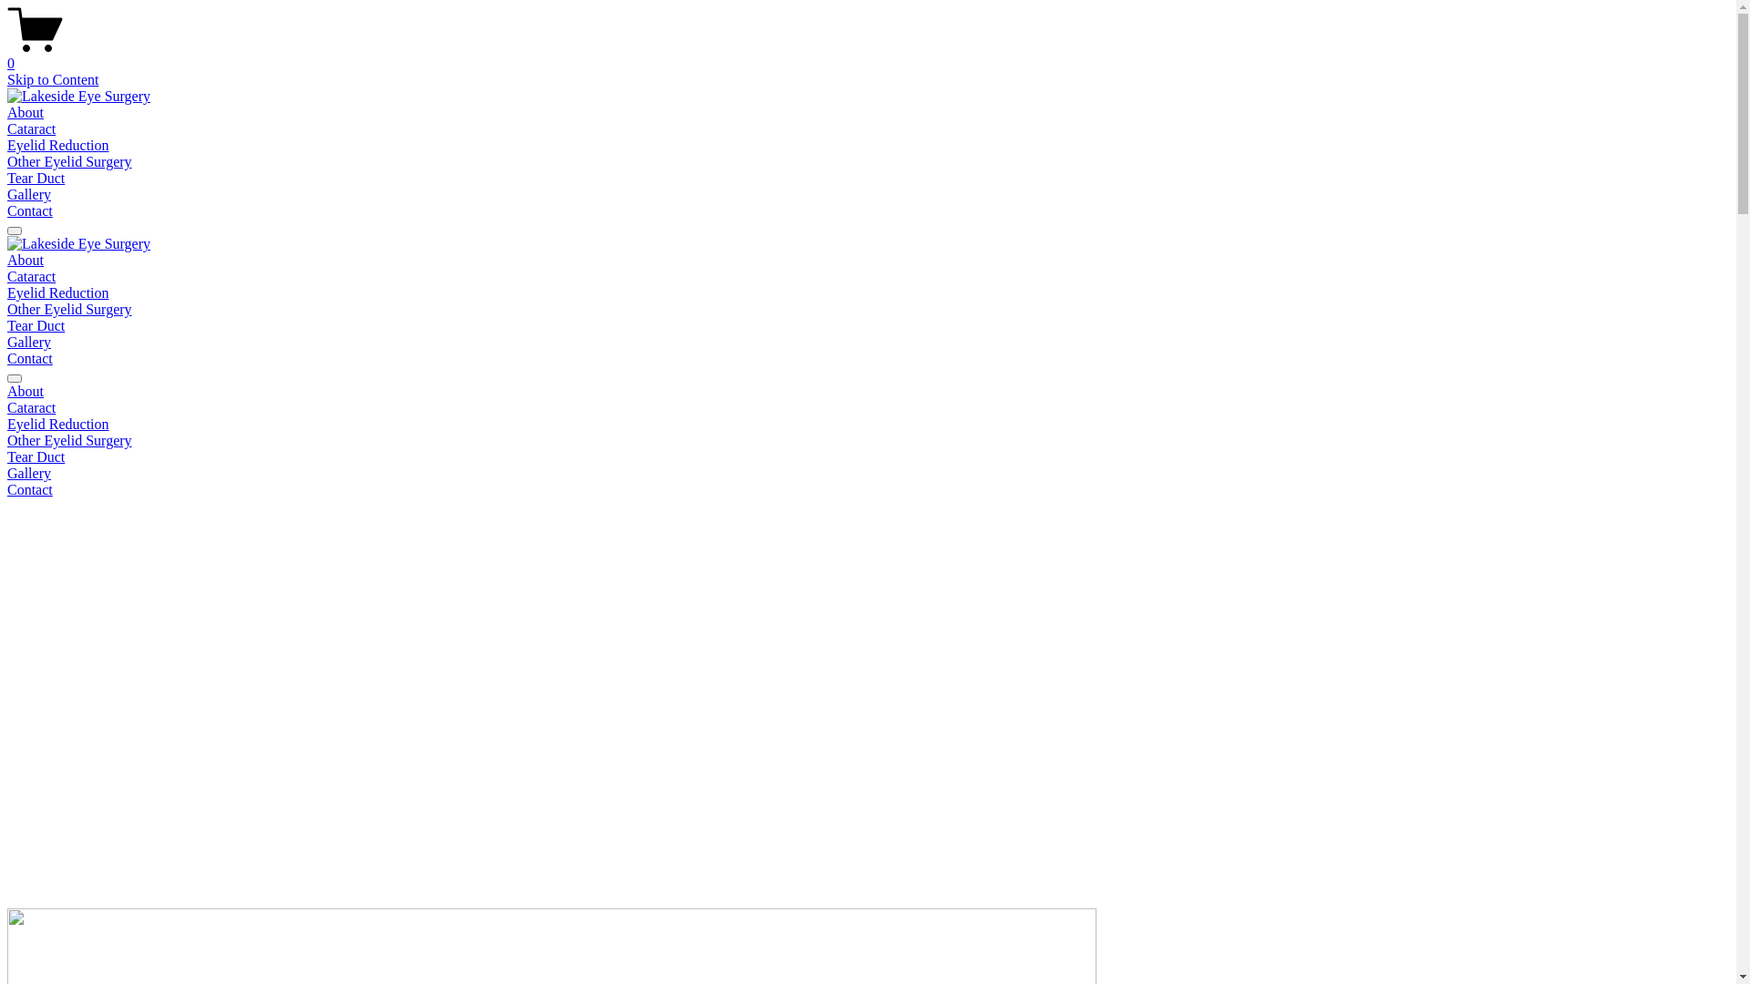 This screenshot has height=984, width=1750. What do you see at coordinates (69, 160) in the screenshot?
I see `'Other Eyelid Surgery'` at bounding box center [69, 160].